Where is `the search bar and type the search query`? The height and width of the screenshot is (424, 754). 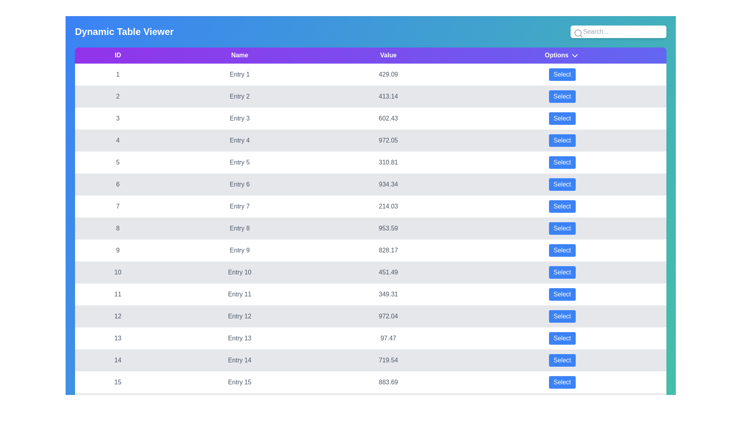
the search bar and type the search query is located at coordinates (618, 31).